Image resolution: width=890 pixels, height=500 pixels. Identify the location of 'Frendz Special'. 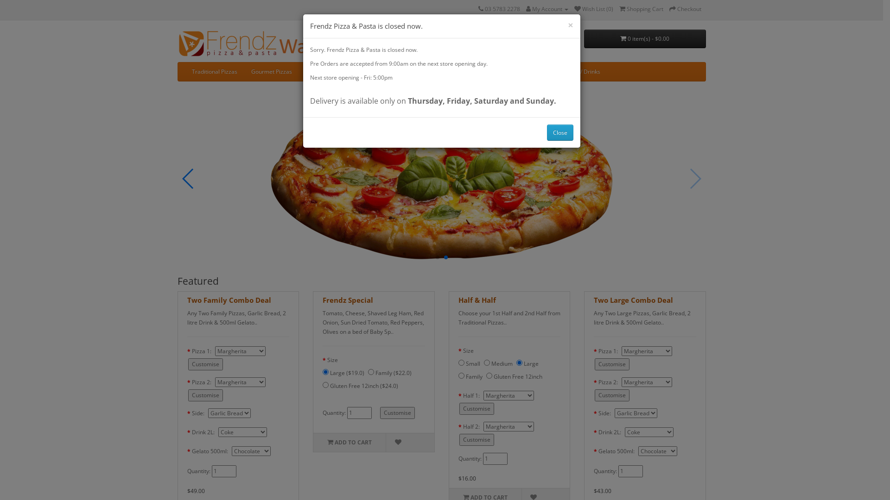
(347, 300).